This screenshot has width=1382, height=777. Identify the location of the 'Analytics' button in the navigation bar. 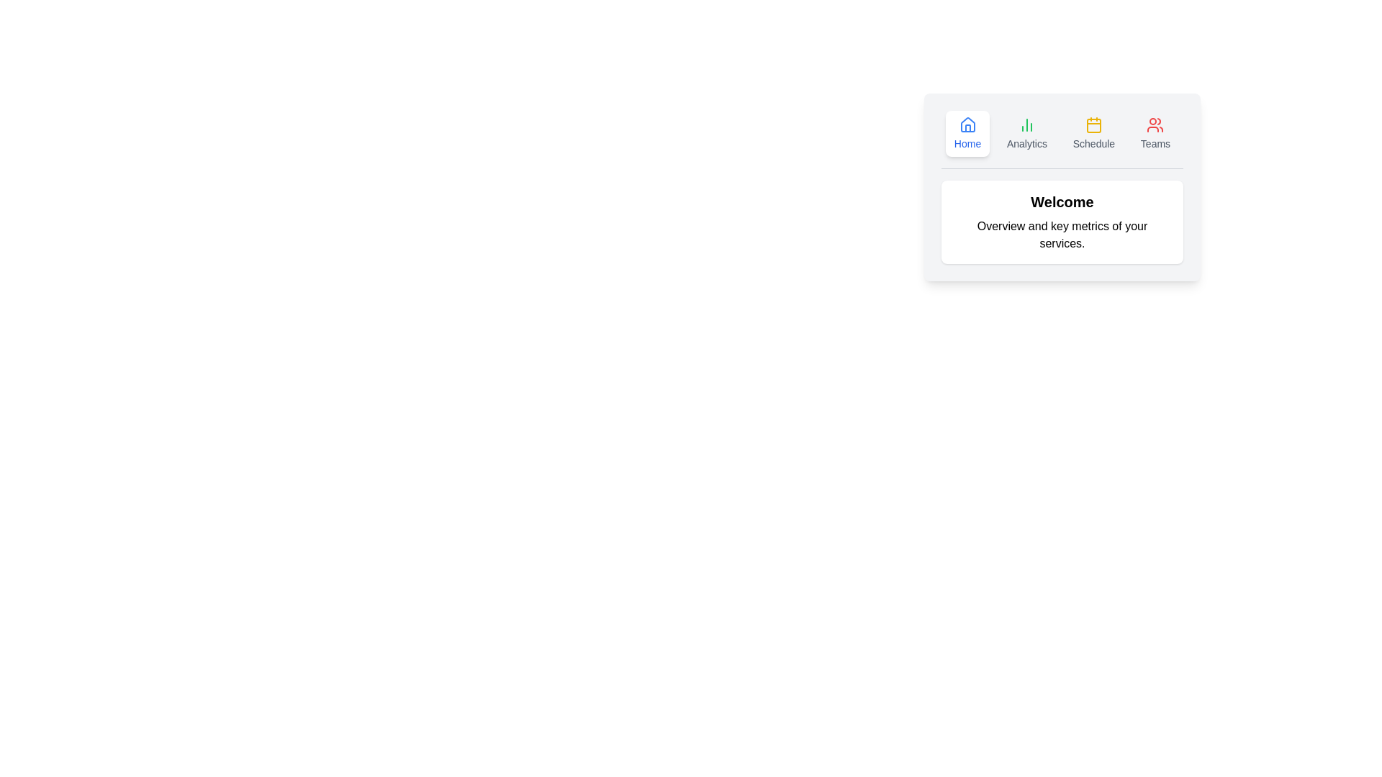
(1026, 133).